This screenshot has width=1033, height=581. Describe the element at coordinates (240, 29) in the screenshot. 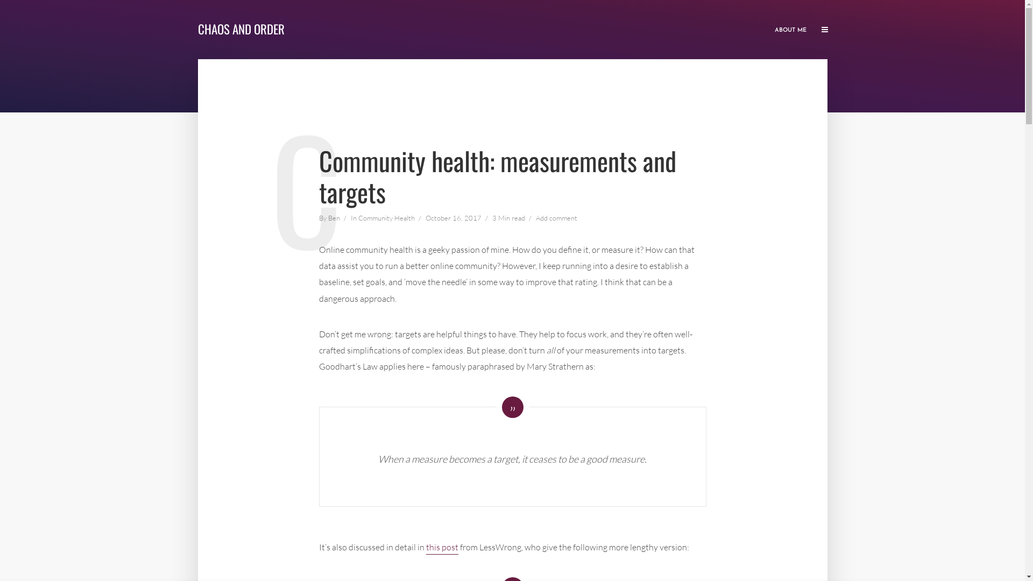

I see `'CHAOS AND ORDER'` at that location.